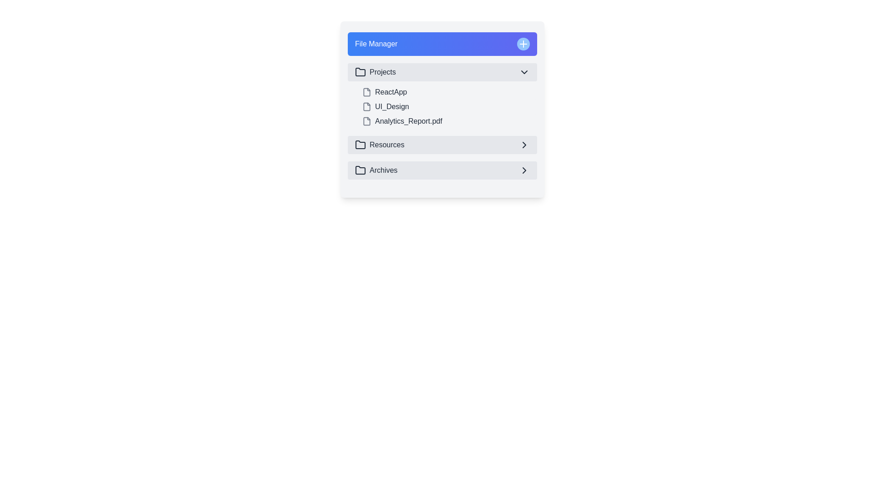 This screenshot has height=491, width=874. Describe the element at coordinates (367, 92) in the screenshot. I see `the file icon representing 'ReactApp' located to the left of the text within the file management interface` at that location.